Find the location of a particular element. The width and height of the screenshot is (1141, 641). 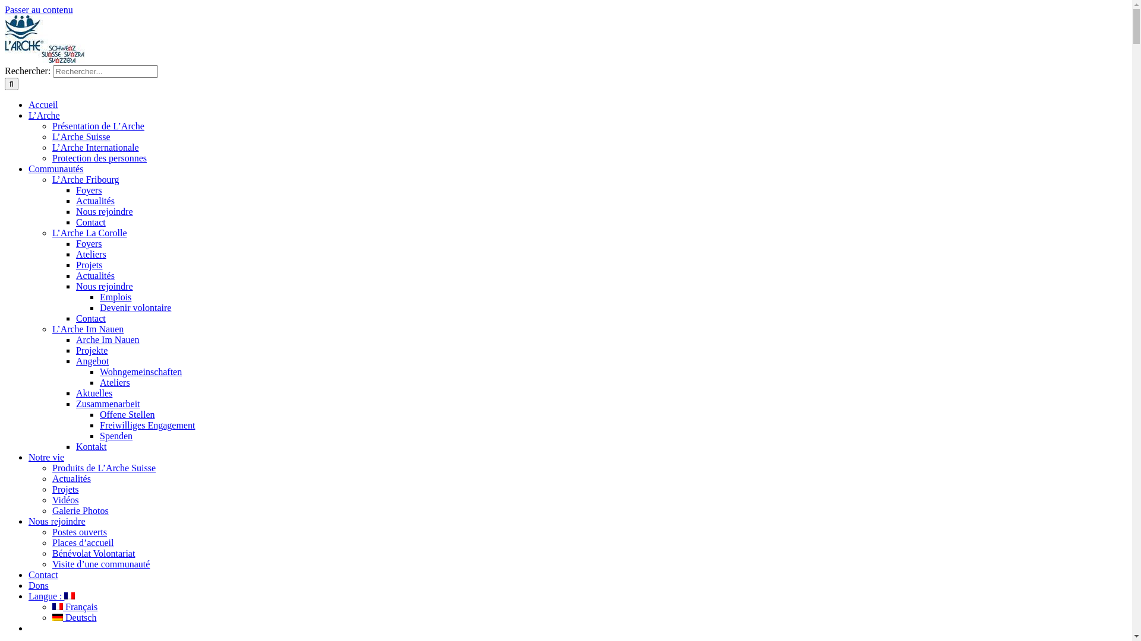

'Notre vie' is located at coordinates (46, 456).